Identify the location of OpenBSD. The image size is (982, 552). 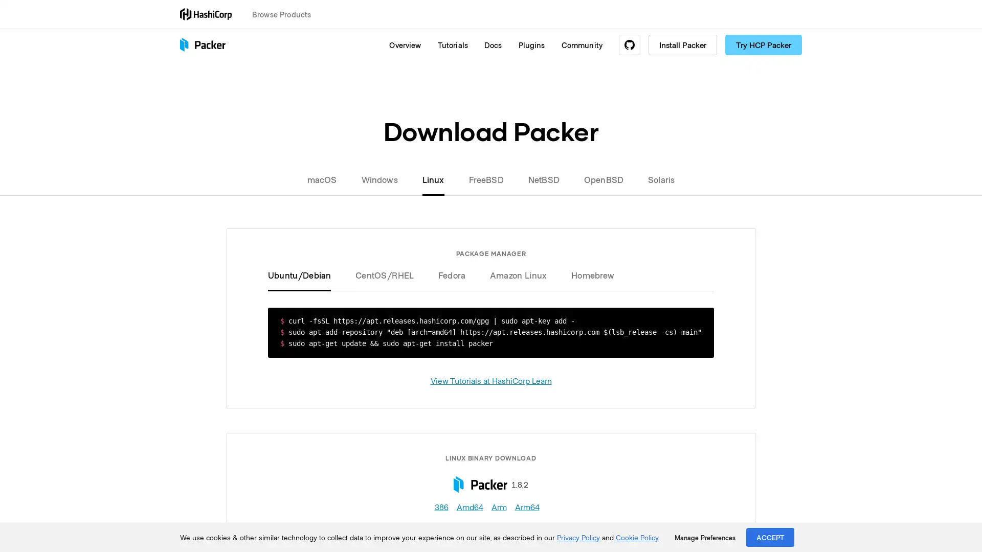
(604, 179).